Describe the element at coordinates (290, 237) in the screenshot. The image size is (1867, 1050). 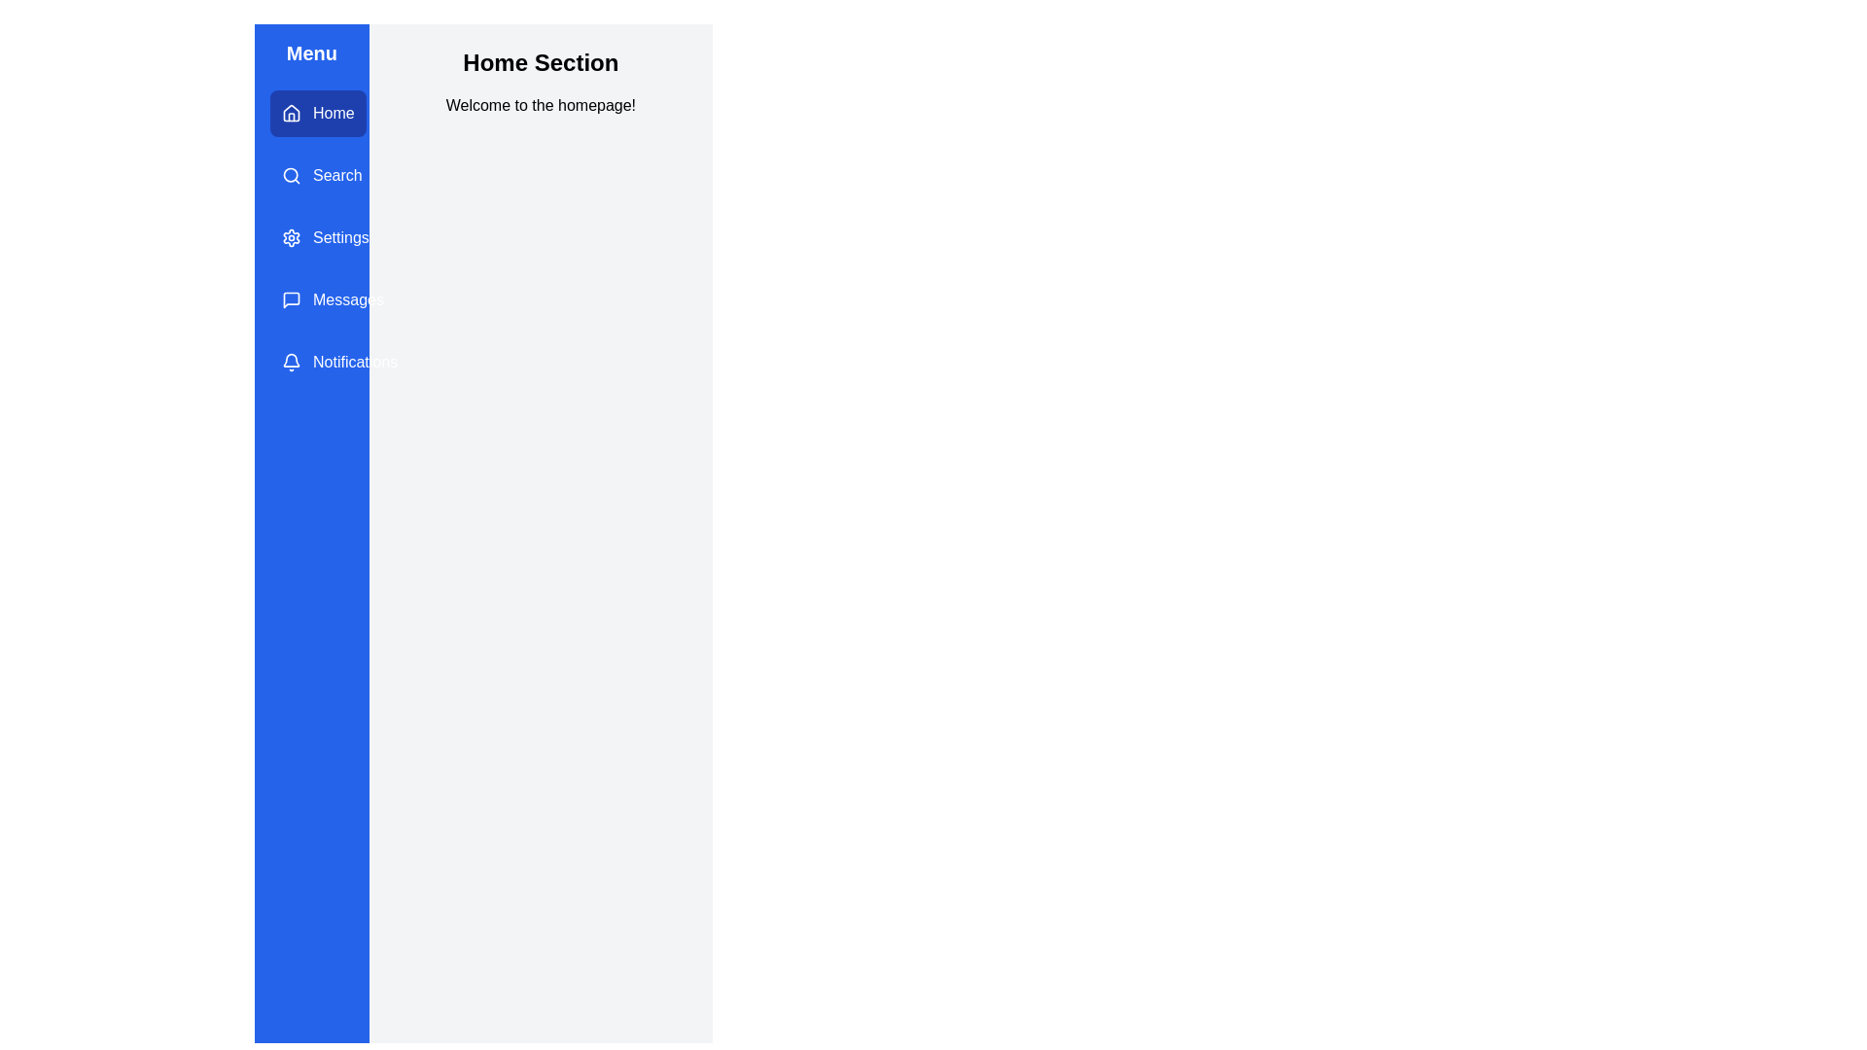
I see `the 'Settings' icon located in the vertical menu on the left side of the application` at that location.